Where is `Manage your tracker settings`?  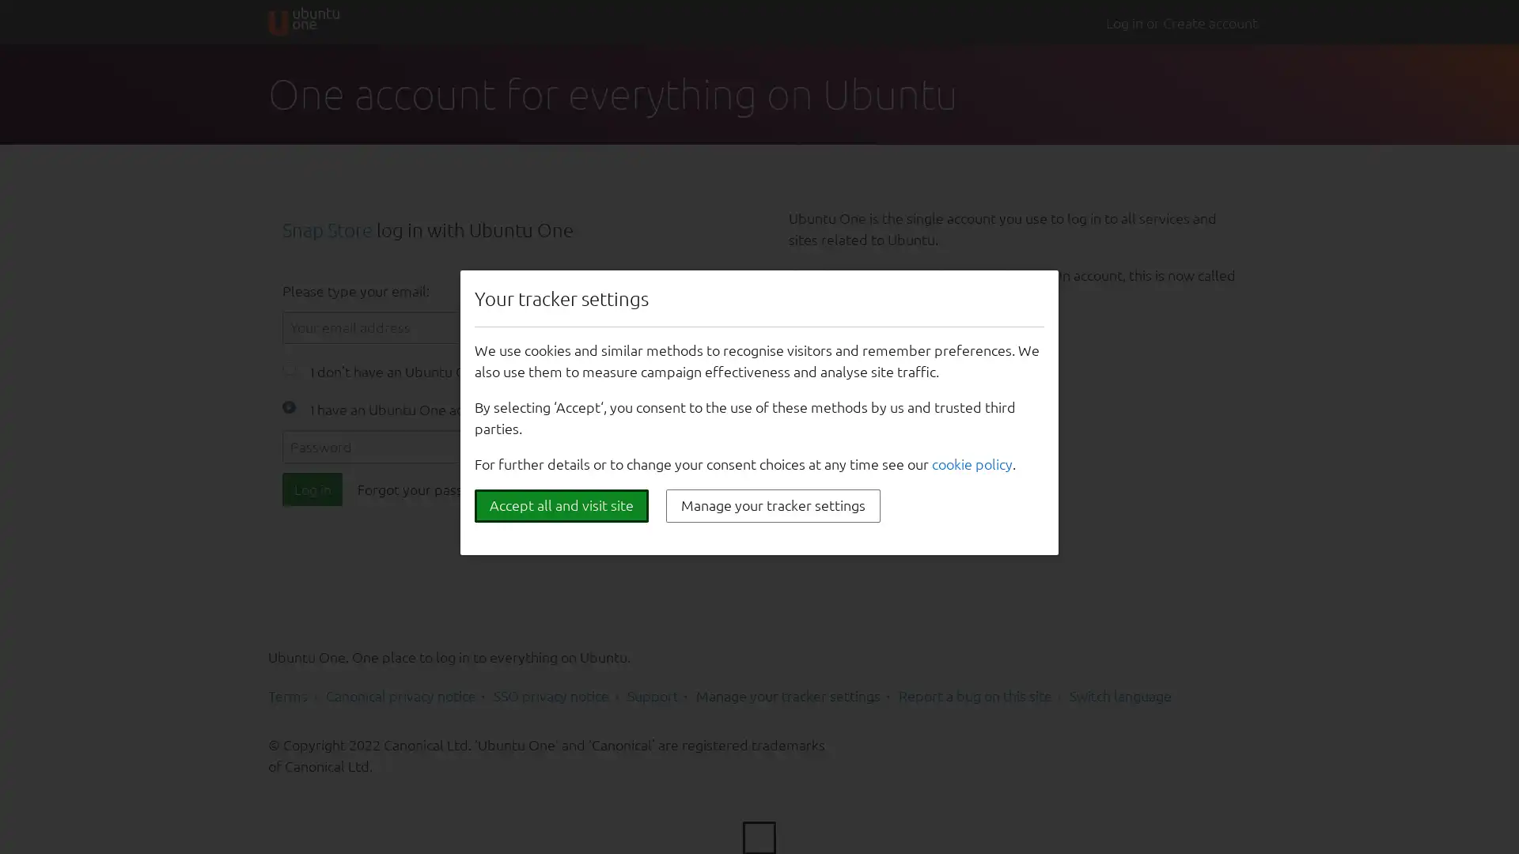 Manage your tracker settings is located at coordinates (773, 505).